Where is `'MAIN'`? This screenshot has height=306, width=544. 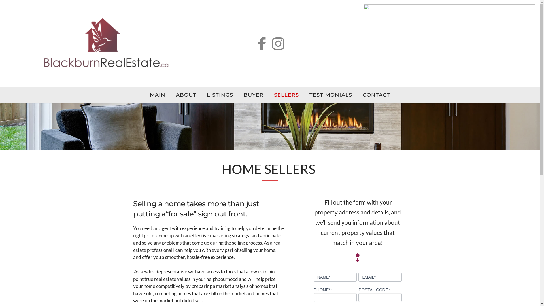
'MAIN' is located at coordinates (158, 95).